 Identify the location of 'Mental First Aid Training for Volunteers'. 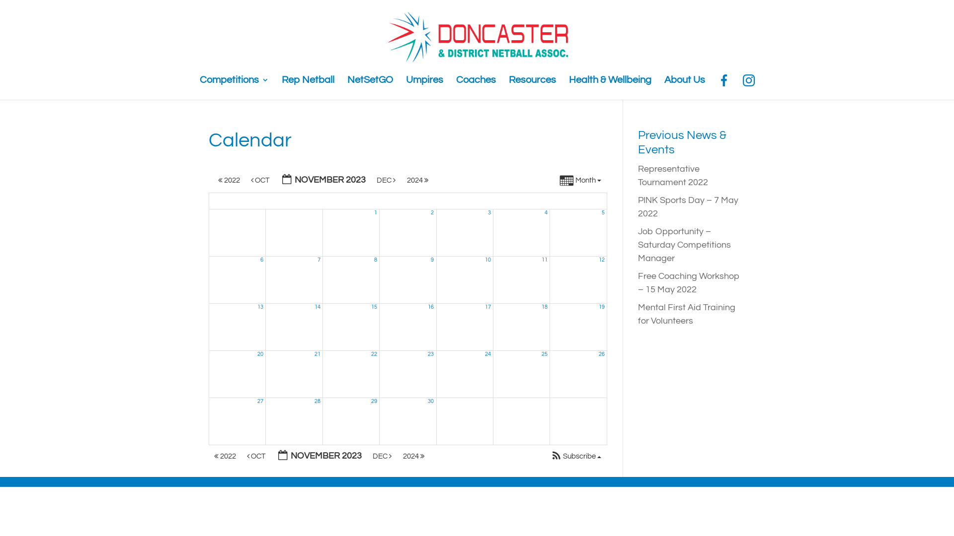
(686, 314).